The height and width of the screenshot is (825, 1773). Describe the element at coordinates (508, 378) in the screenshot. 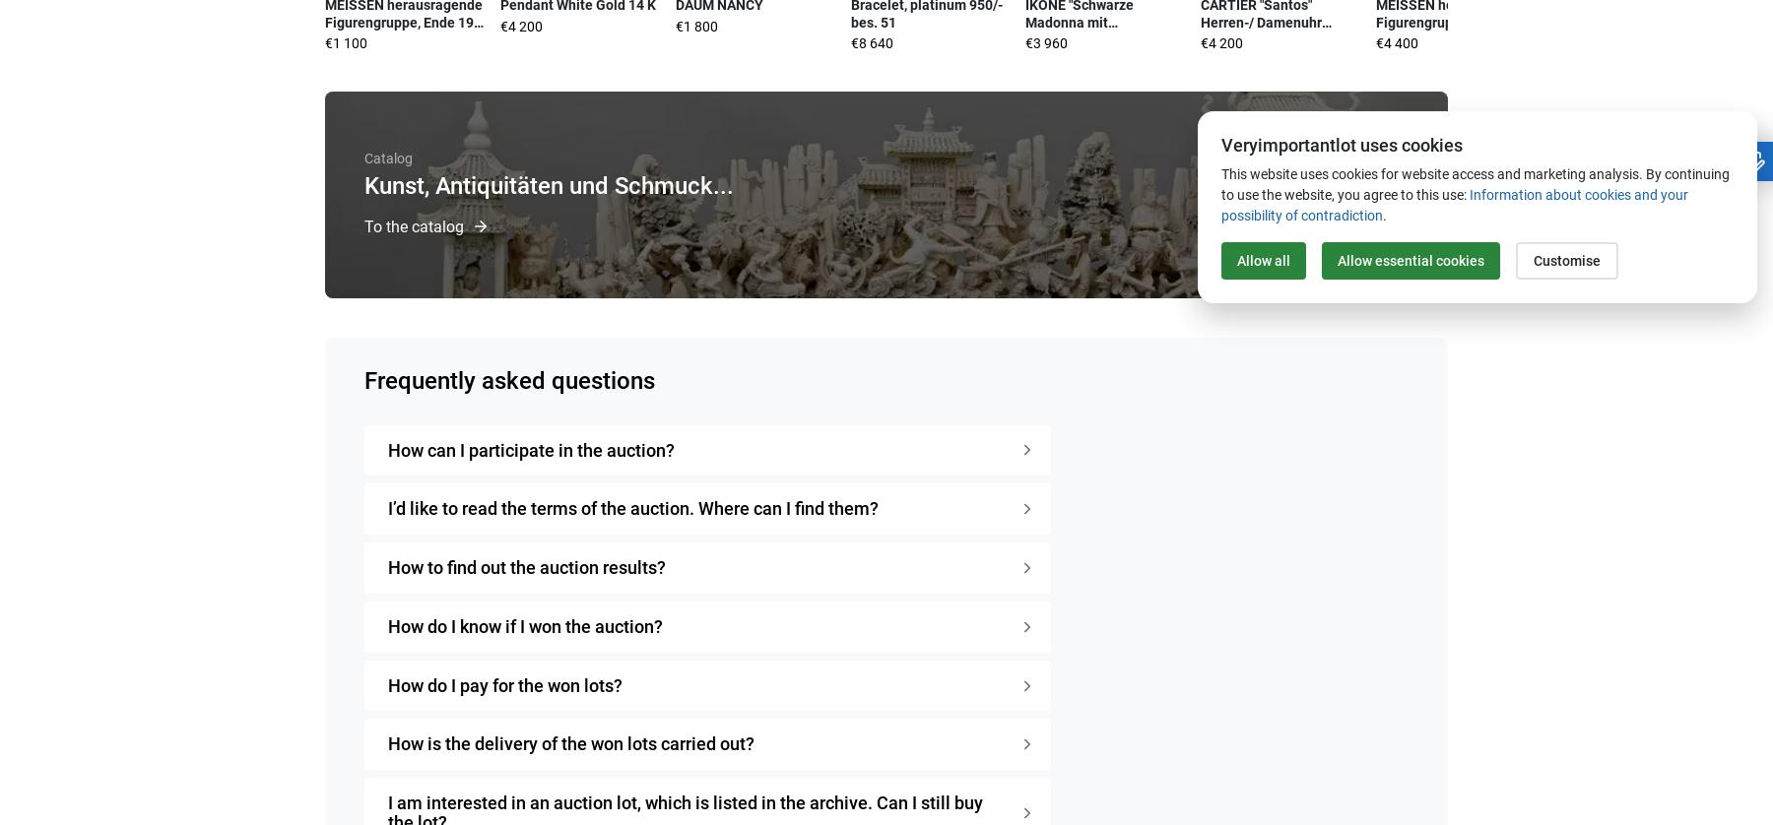

I see `'Frequently asked questions'` at that location.